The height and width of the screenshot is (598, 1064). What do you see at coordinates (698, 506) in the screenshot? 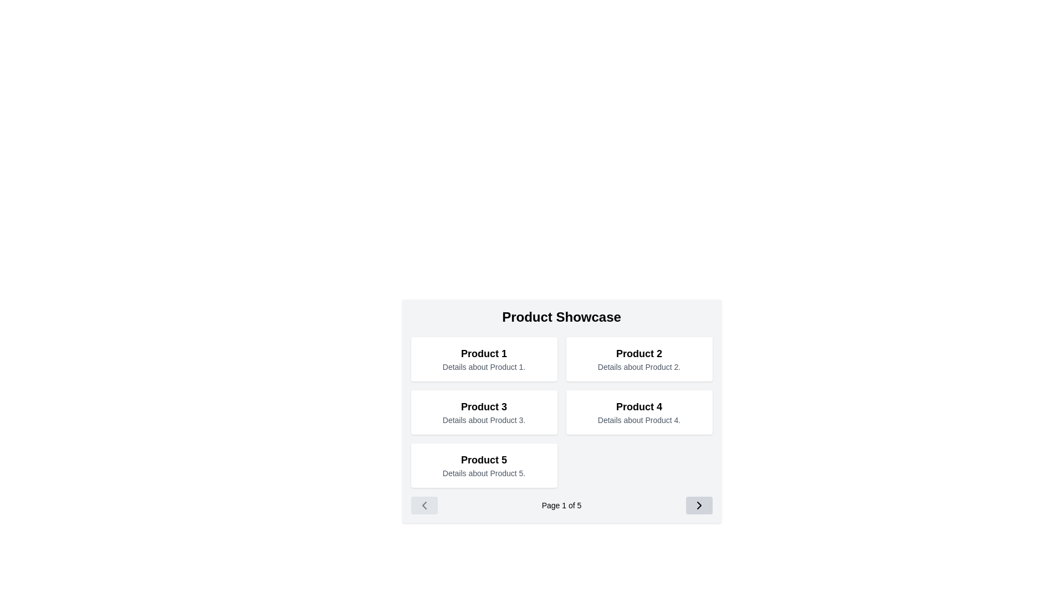
I see `the navigation button located at the bottom-right of the pagination controls, labeled 'Page 1 of 5', to proceed to the next page` at bounding box center [698, 506].